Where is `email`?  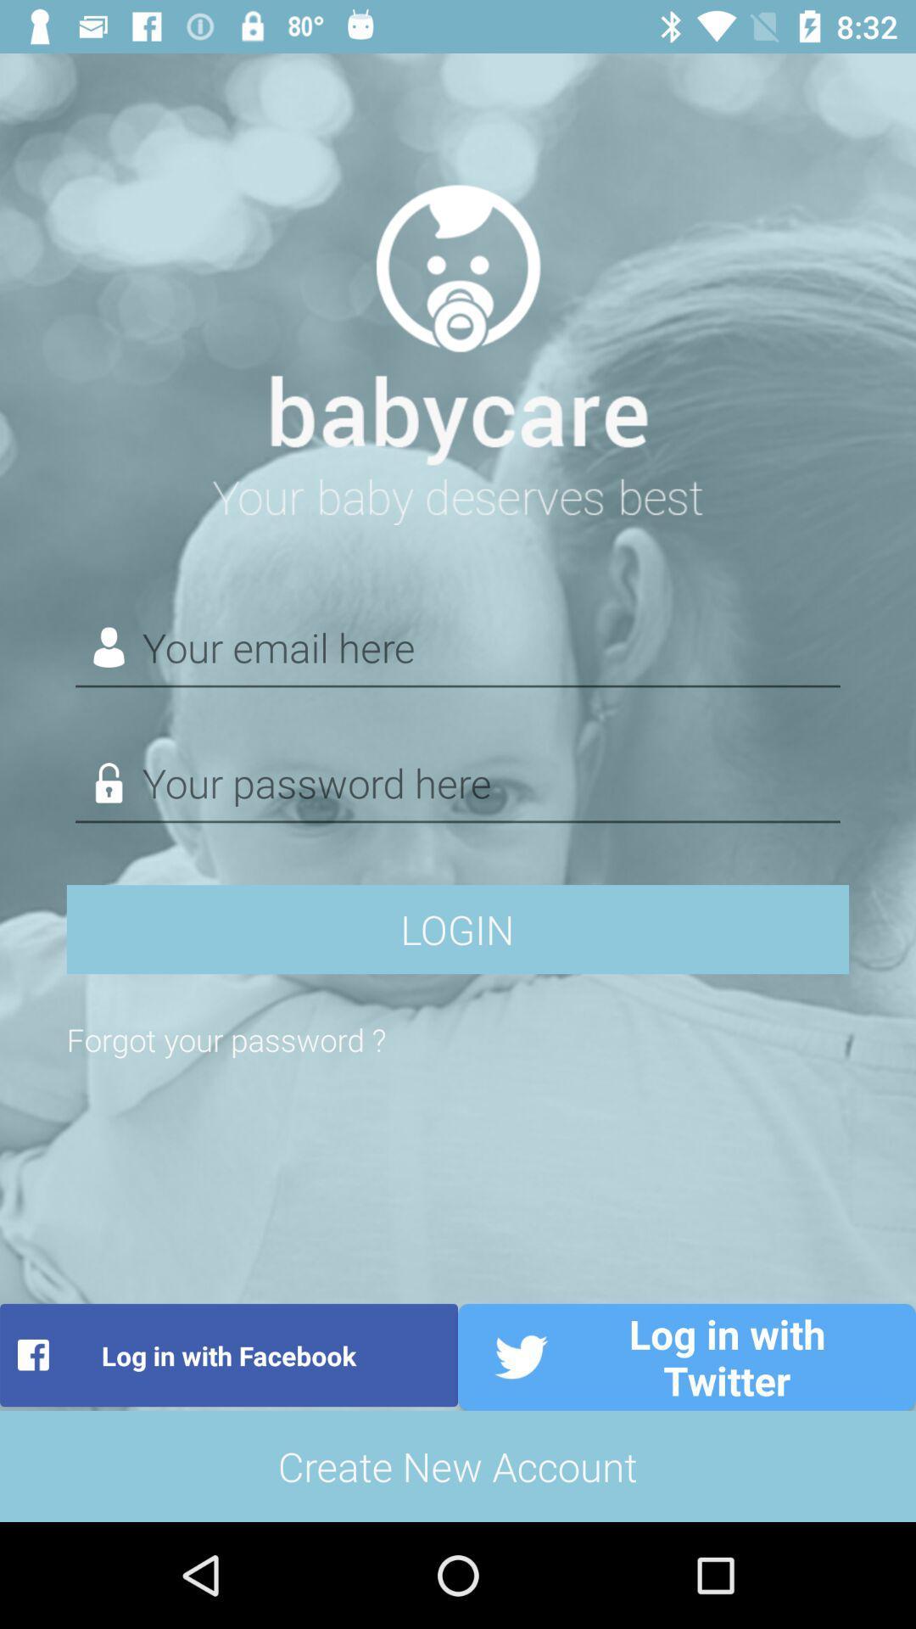
email is located at coordinates (458, 647).